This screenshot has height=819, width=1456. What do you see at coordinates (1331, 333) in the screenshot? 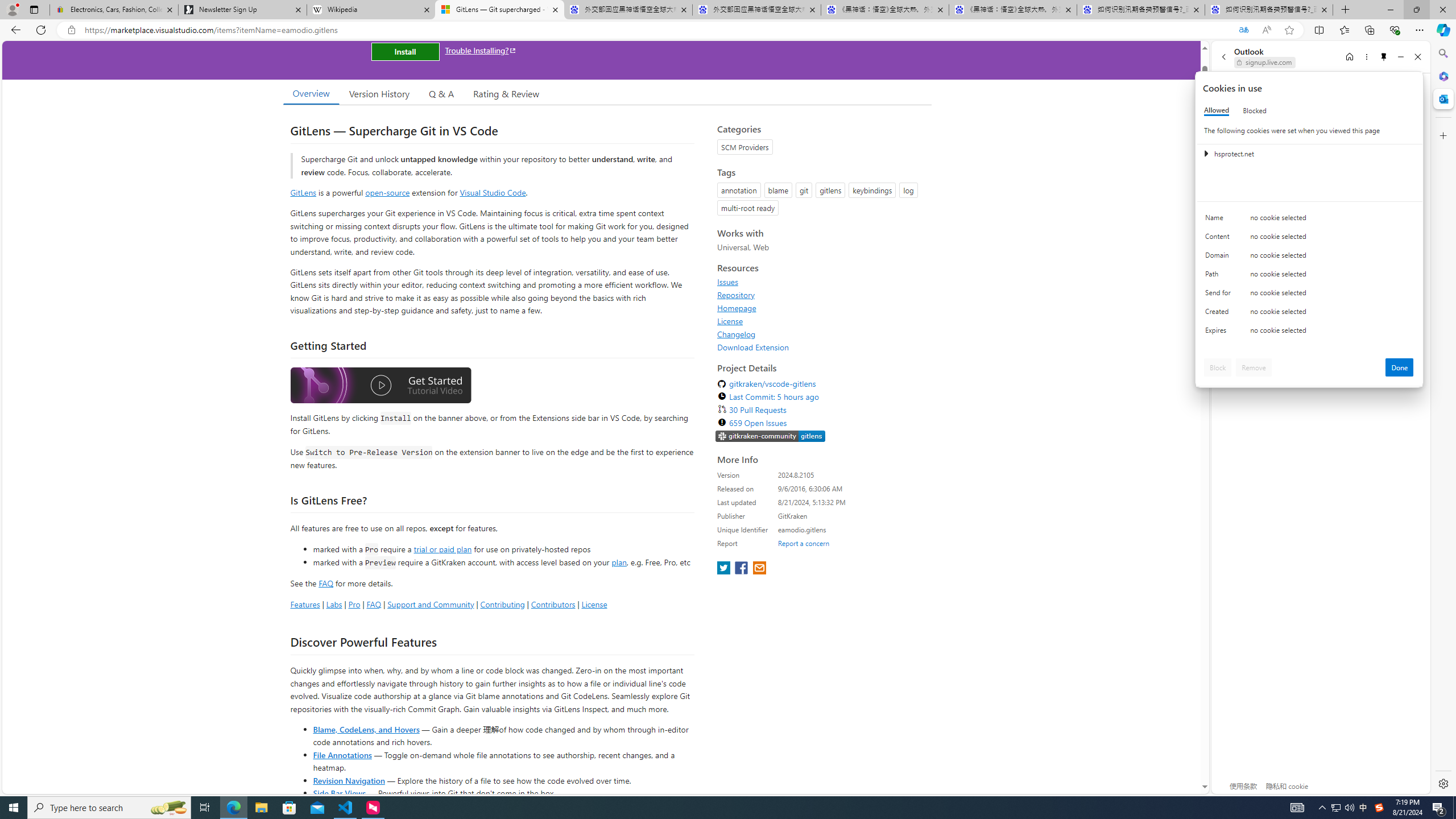
I see `'no cookie selected'` at bounding box center [1331, 333].